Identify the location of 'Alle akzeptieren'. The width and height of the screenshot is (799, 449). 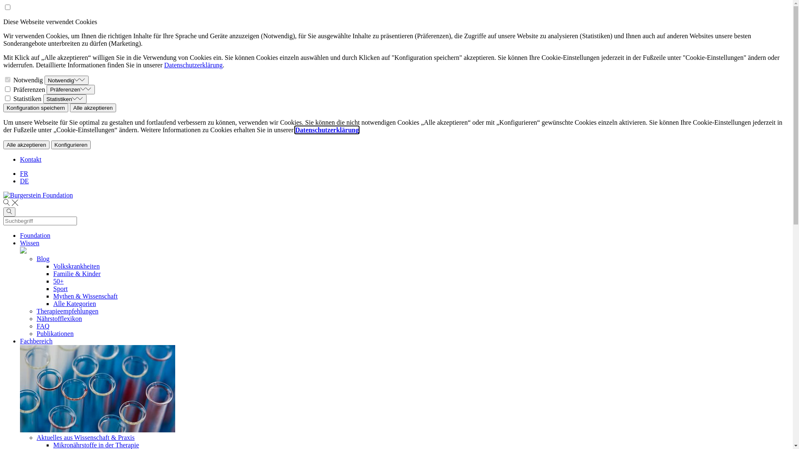
(93, 107).